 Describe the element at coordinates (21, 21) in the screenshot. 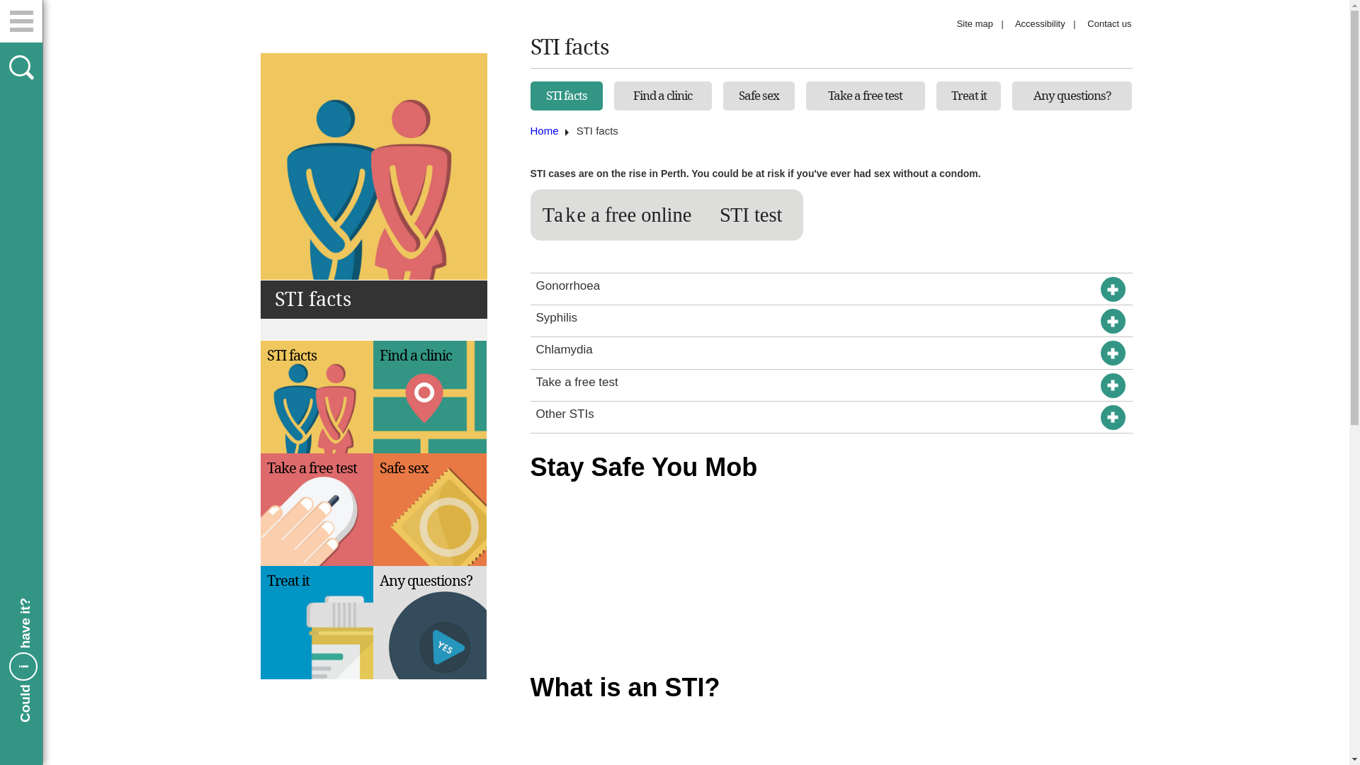

I see `'Menu'` at that location.